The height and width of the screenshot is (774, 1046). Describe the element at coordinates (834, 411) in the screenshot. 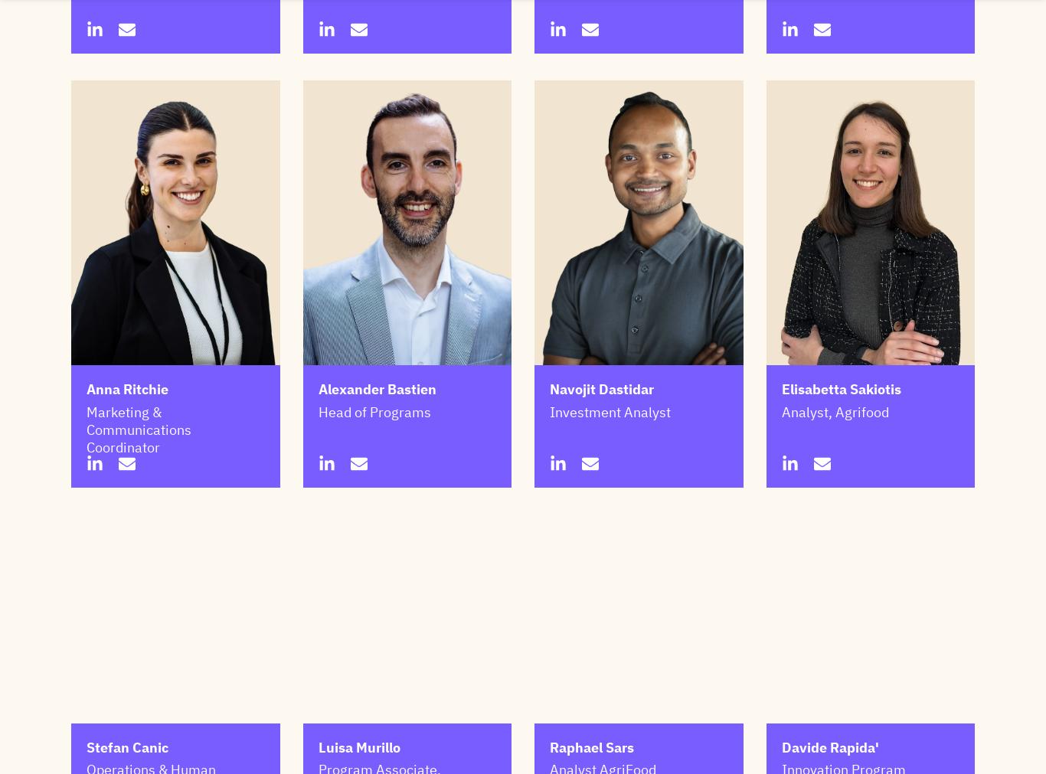

I see `'Analyst, Agrifood'` at that location.